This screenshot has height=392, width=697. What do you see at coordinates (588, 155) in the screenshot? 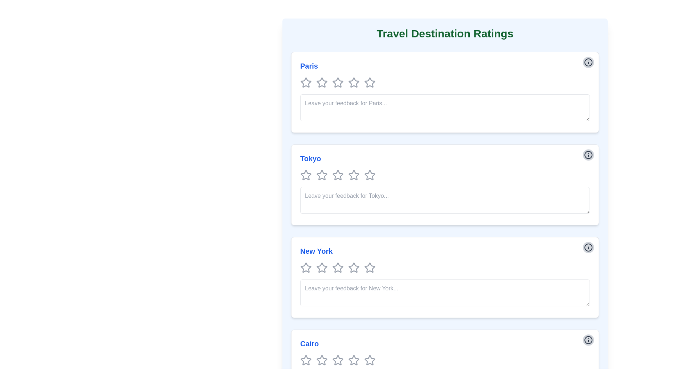
I see `the circular button with a gray background and an information icon inside, located in the top-right corner of the 'Tokyo' card` at bounding box center [588, 155].